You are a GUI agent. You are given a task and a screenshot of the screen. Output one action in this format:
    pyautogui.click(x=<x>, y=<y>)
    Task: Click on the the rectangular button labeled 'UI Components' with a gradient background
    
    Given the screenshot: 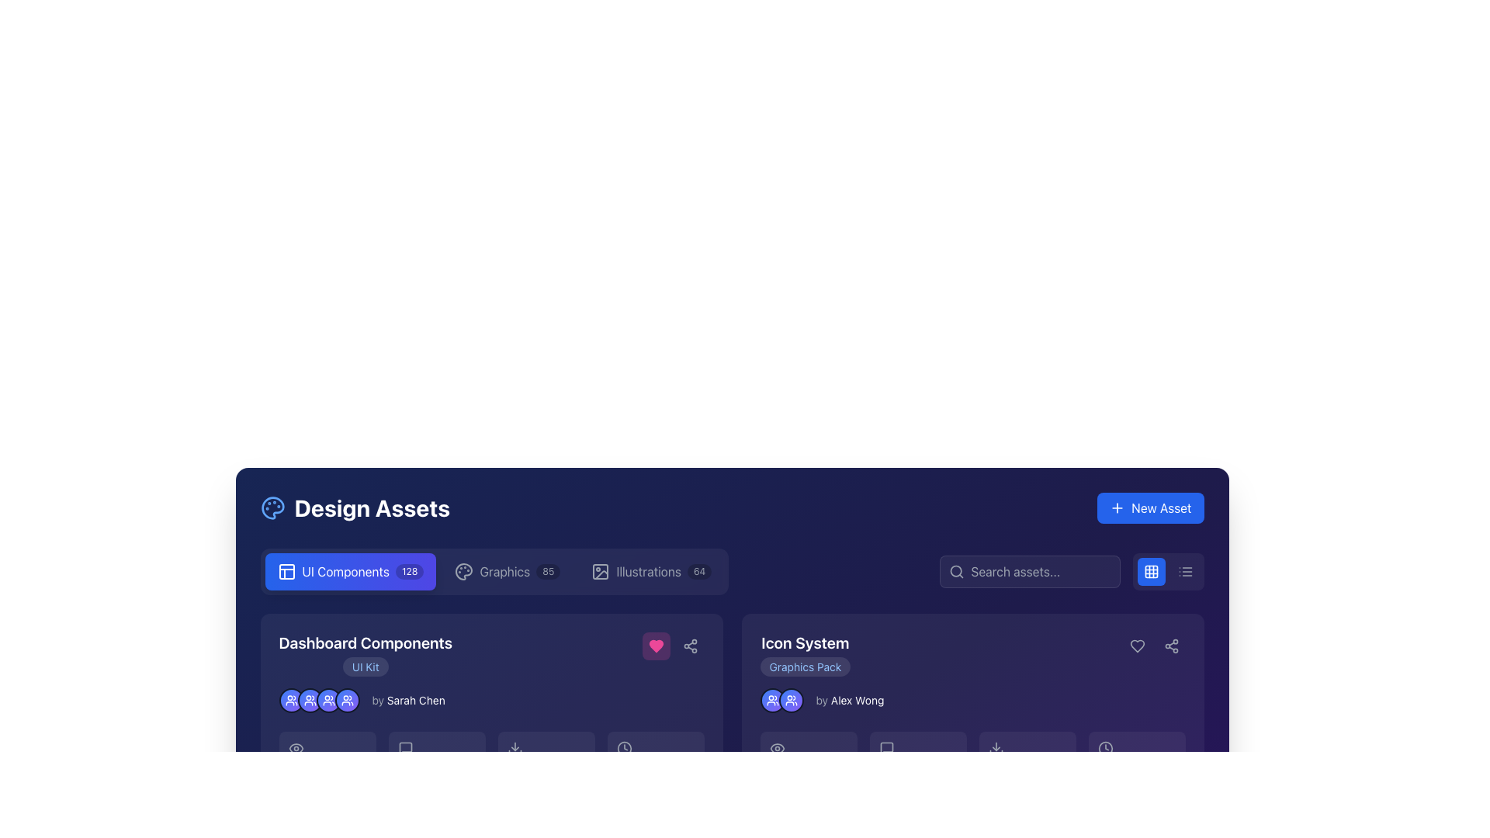 What is the action you would take?
    pyautogui.click(x=349, y=571)
    